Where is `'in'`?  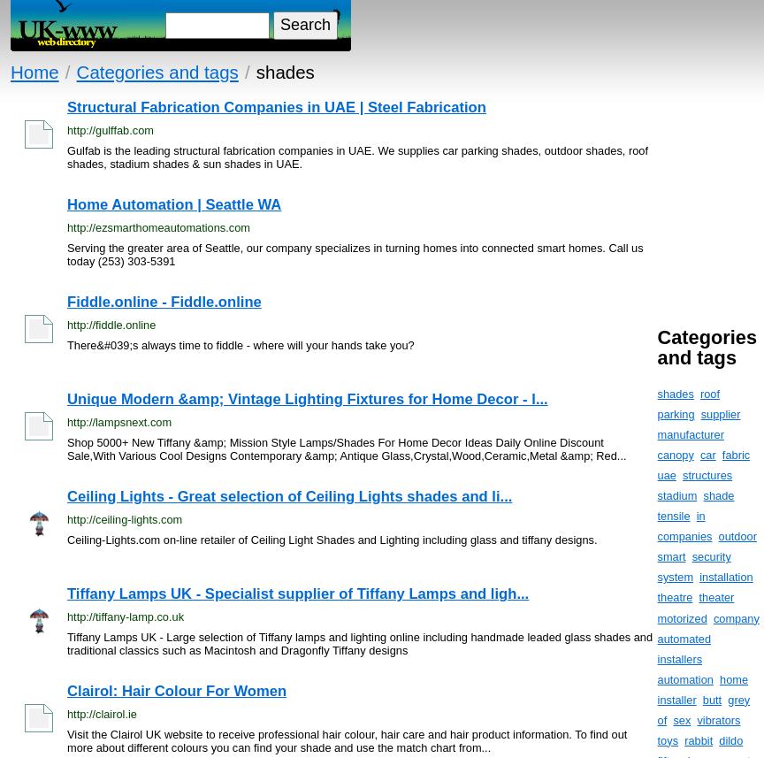
'in' is located at coordinates (695, 516).